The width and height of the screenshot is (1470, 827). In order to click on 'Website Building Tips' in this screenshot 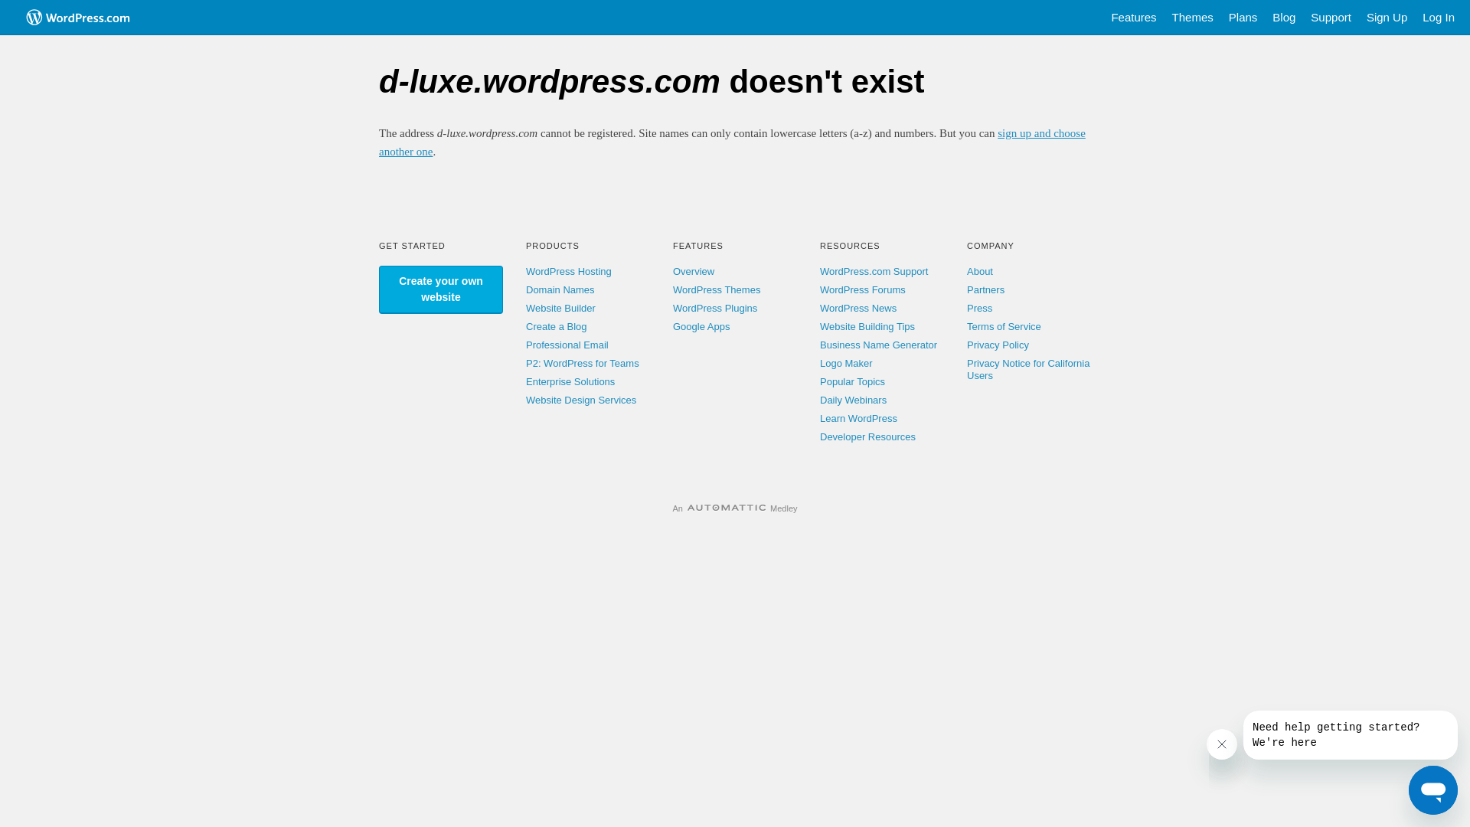, I will do `click(818, 325)`.